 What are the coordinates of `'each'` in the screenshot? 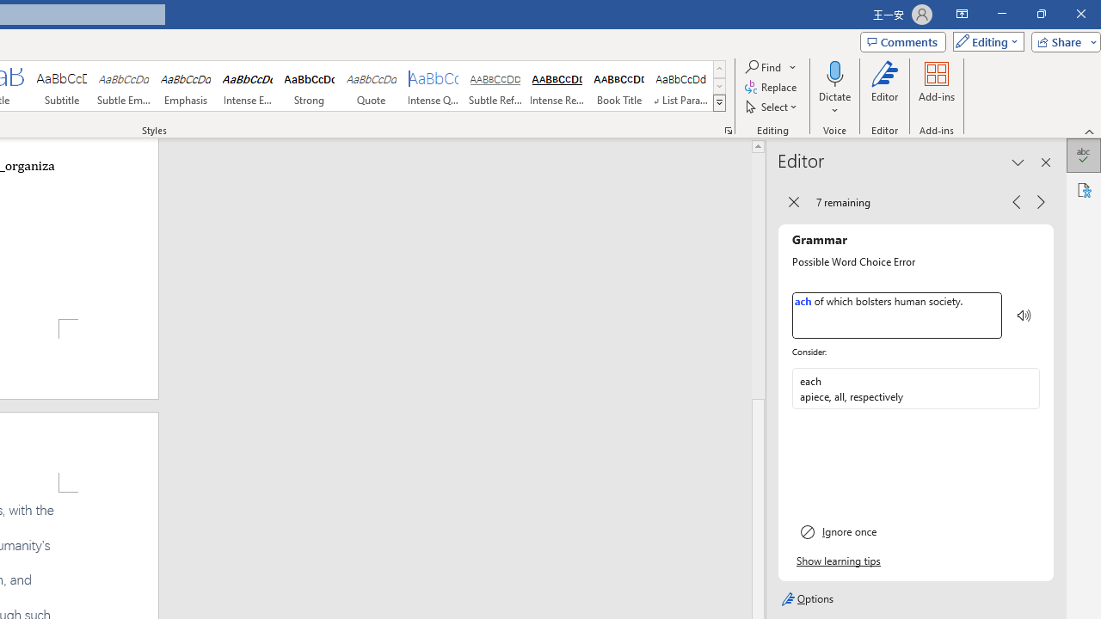 It's located at (901, 389).